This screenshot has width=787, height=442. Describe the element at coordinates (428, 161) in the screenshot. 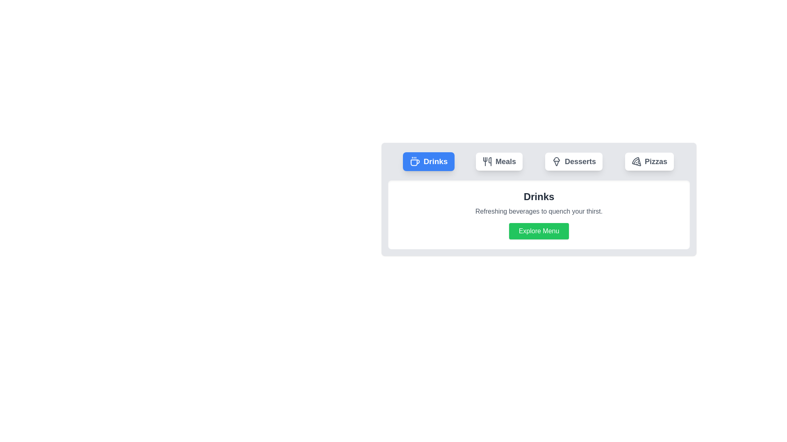

I see `the 'Drinks' tab button` at that location.